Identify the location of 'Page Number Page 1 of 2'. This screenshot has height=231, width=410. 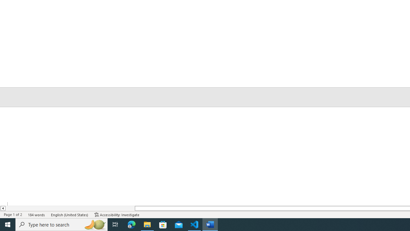
(13, 215).